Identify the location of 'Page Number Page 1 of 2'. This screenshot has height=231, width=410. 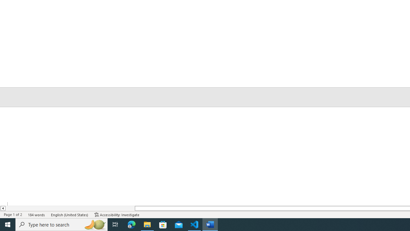
(13, 215).